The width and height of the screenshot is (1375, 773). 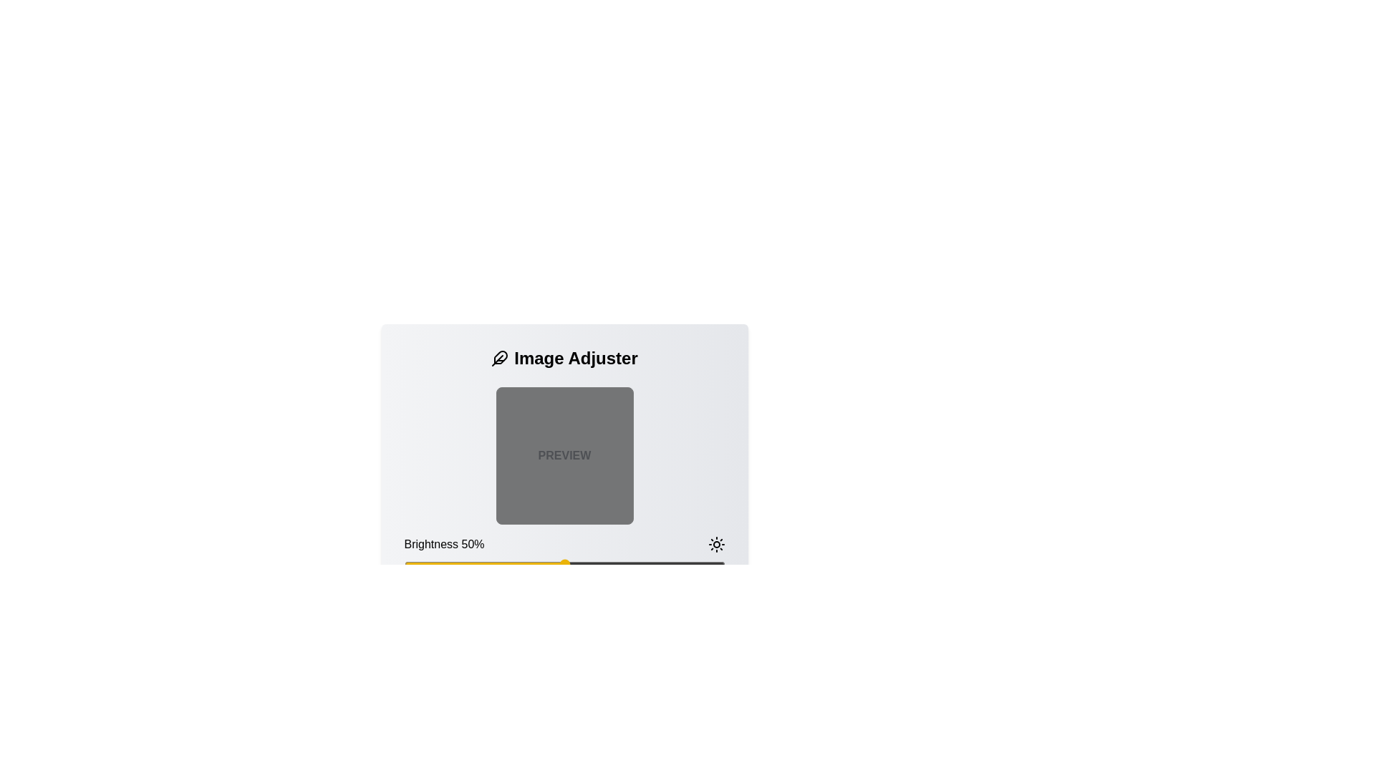 I want to click on the text label that indicates the contrast adjustment parameter, currently displaying a value of 50%, so click(x=438, y=601).